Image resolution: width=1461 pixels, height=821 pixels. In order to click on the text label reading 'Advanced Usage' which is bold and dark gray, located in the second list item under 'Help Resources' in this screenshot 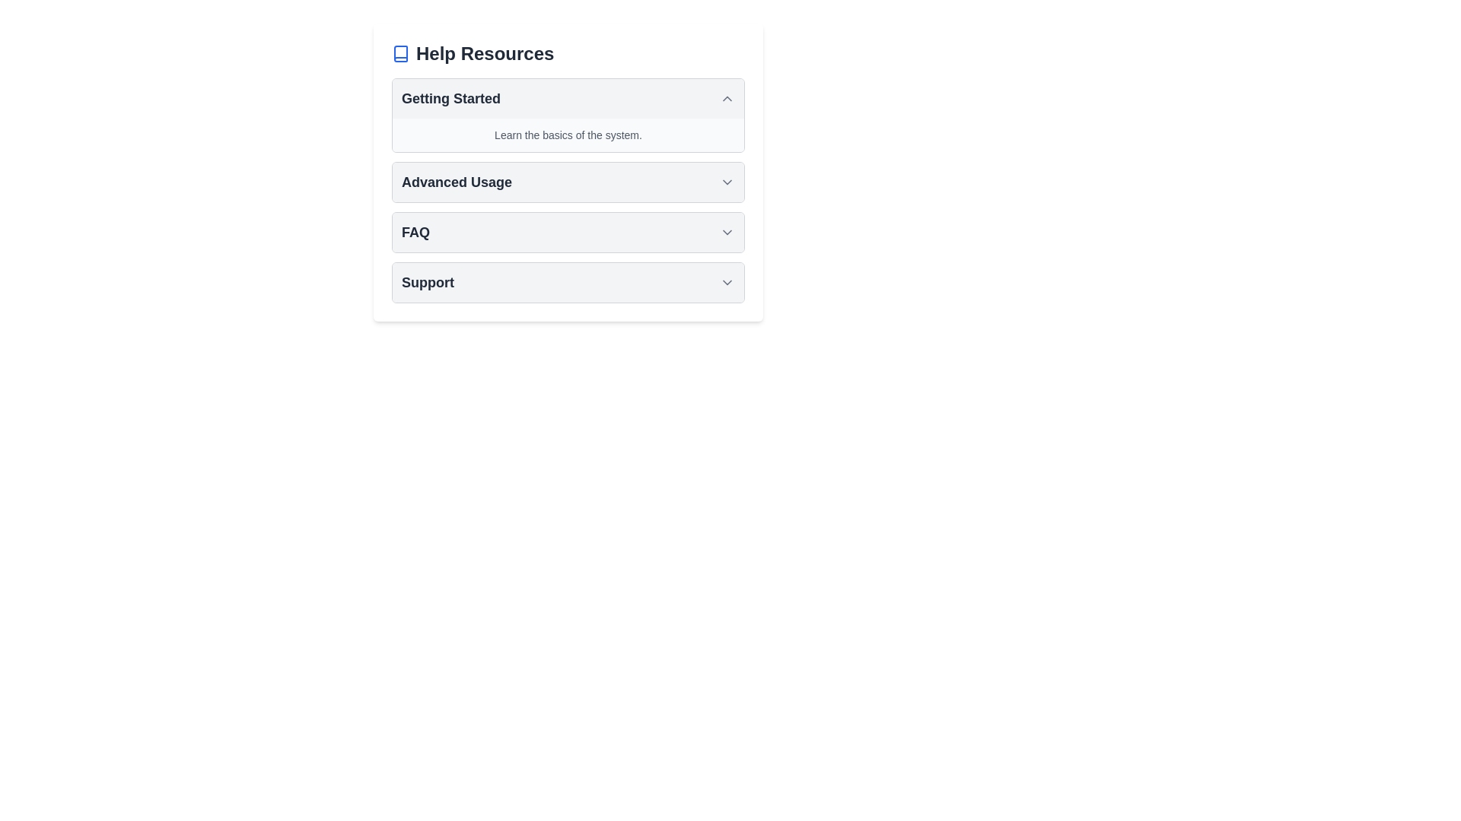, I will do `click(456, 181)`.